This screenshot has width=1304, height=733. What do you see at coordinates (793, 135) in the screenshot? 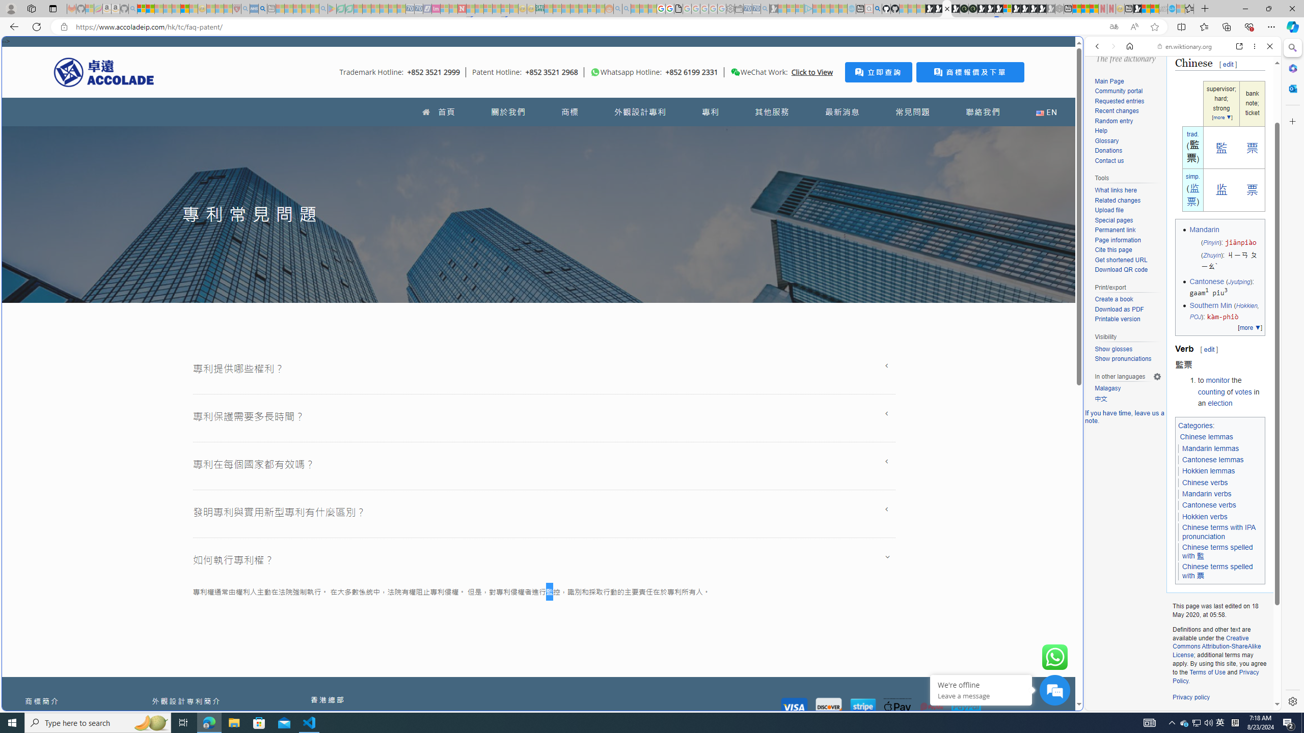
I see `'Tabs you'` at bounding box center [793, 135].